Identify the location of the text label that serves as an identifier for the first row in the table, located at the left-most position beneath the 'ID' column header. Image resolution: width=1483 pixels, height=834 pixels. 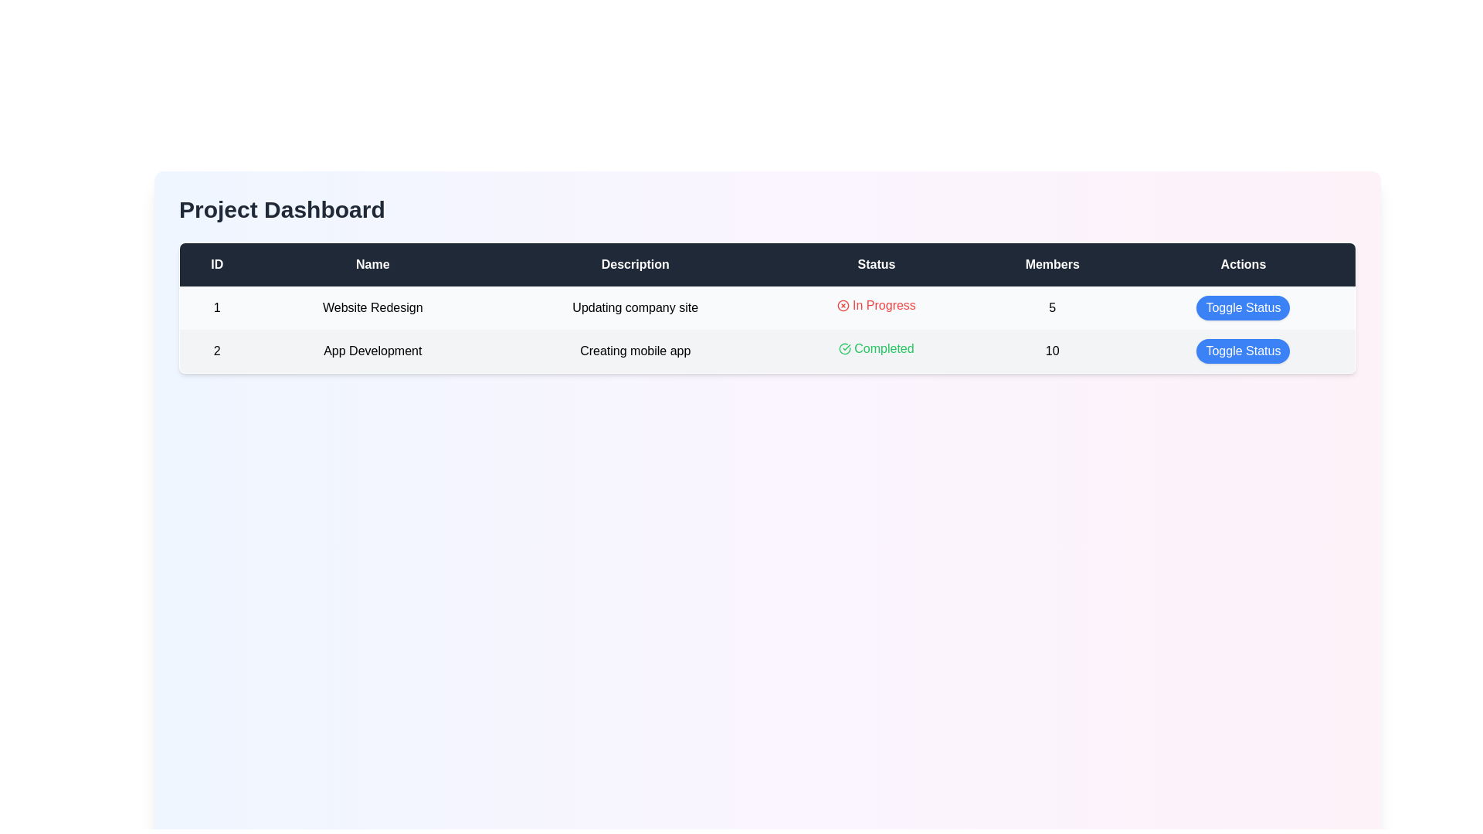
(215, 307).